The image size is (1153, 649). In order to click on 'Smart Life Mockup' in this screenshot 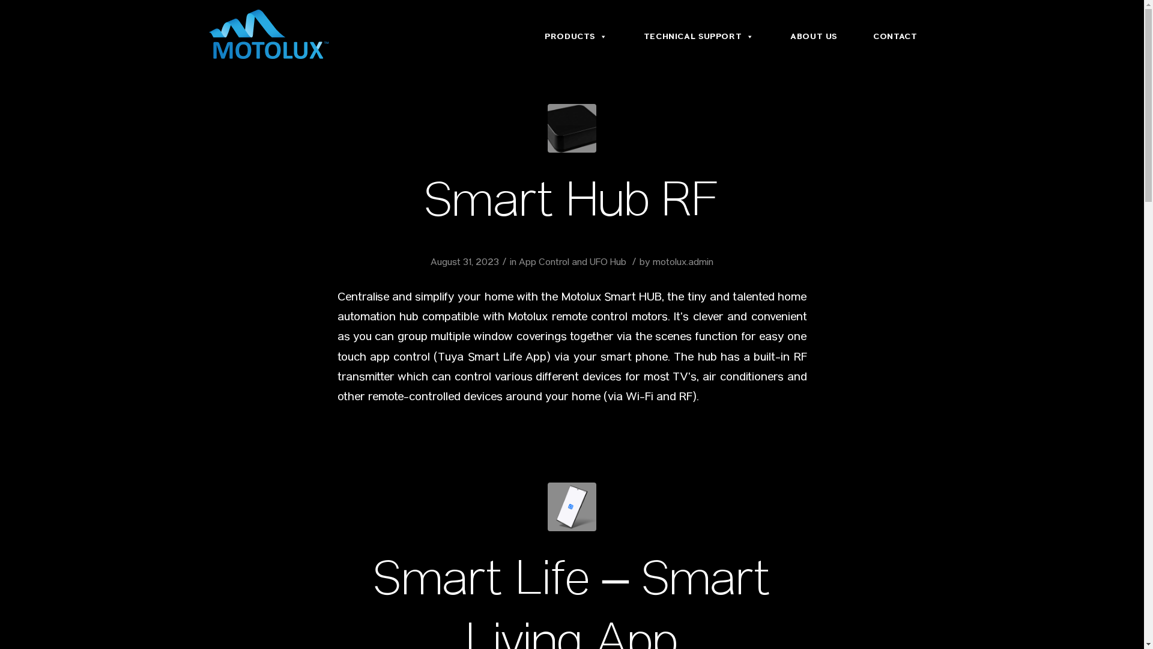, I will do `click(571, 507)`.